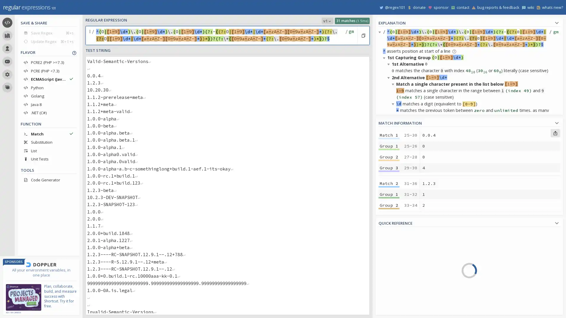  Describe the element at coordinates (48, 41) in the screenshot. I see `Update Regex ++s` at that location.